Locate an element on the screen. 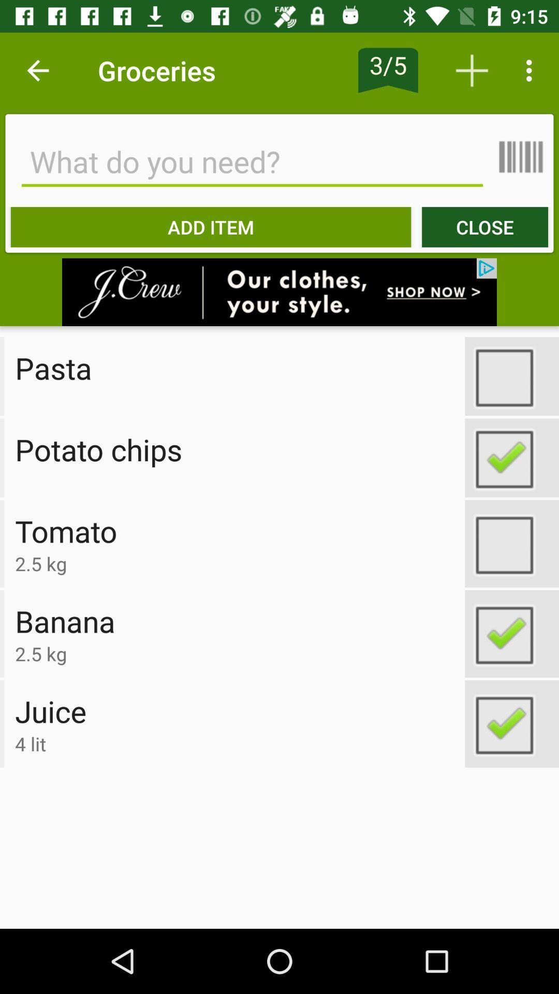 Image resolution: width=559 pixels, height=994 pixels. advertisement is located at coordinates (279, 291).